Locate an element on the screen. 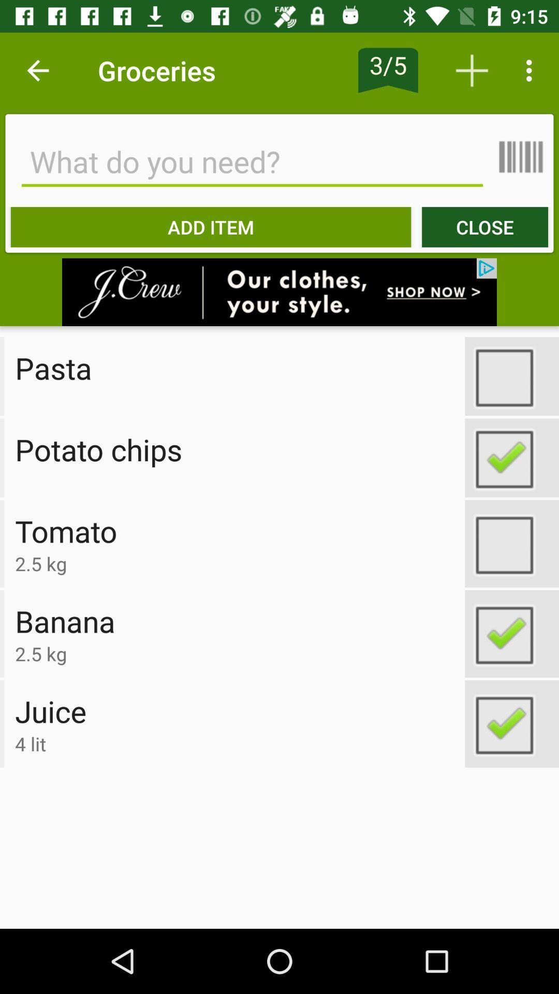 Image resolution: width=559 pixels, height=994 pixels. advertisement is located at coordinates (279, 291).